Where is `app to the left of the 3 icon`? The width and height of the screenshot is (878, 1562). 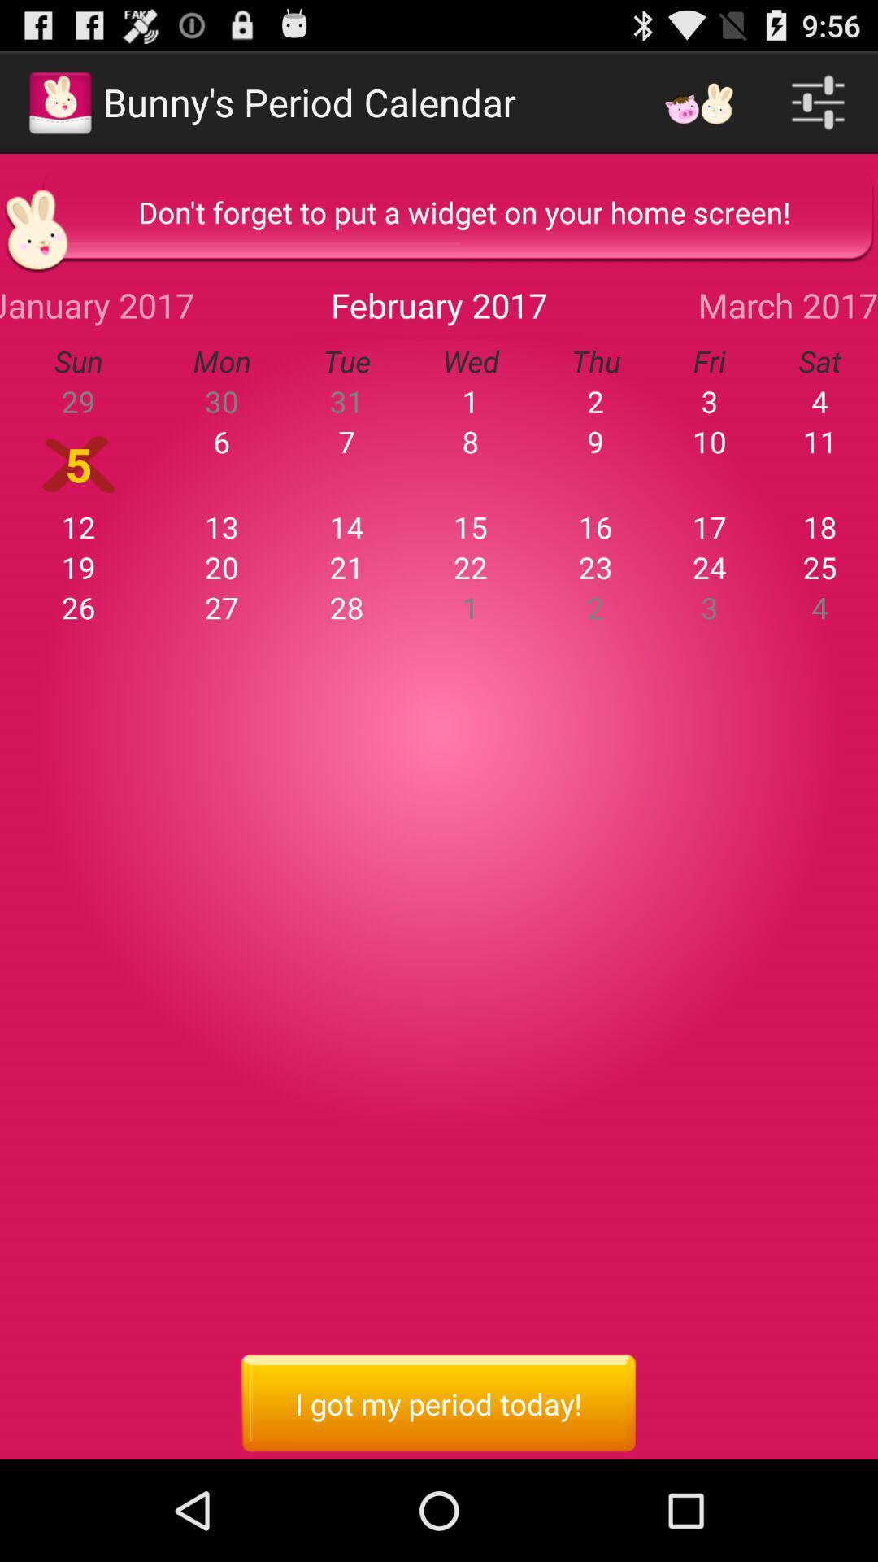
app to the left of the 3 icon is located at coordinates (596, 441).